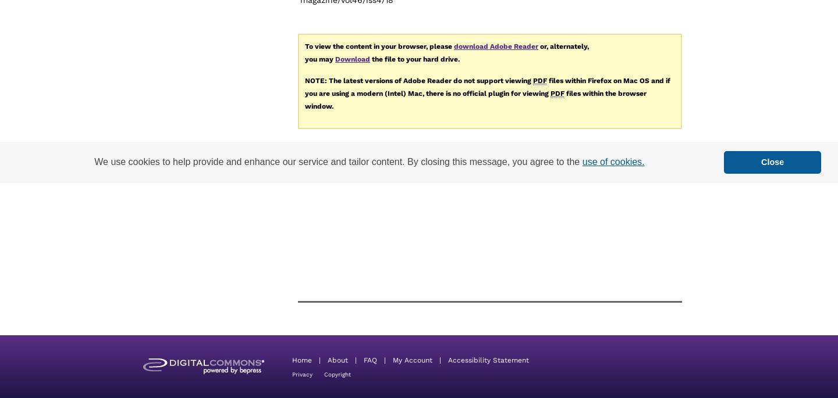  Describe the element at coordinates (304, 46) in the screenshot. I see `'To view the content in your browser, please'` at that location.